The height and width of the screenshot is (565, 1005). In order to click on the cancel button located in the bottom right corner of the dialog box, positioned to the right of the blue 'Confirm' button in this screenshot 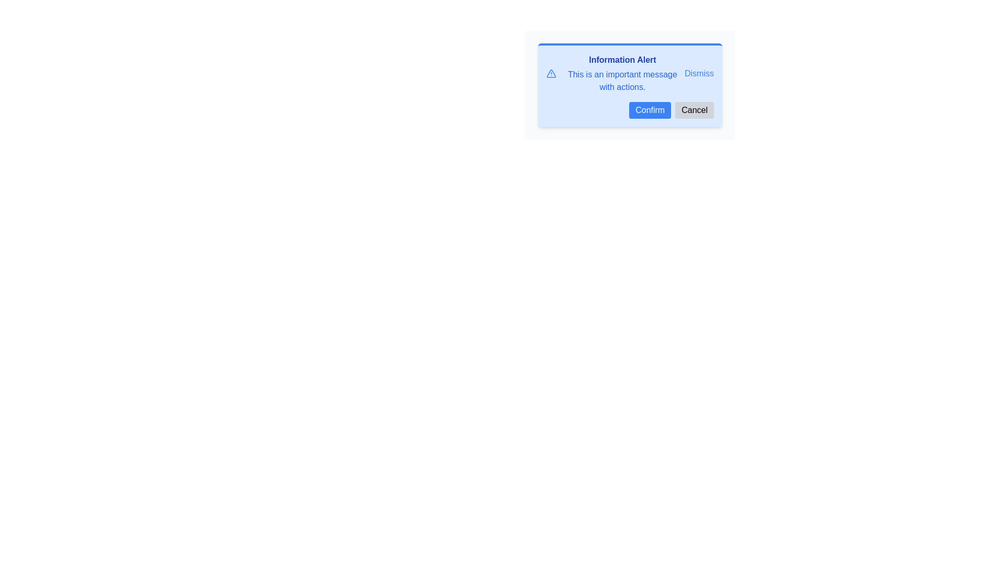, I will do `click(695, 110)`.